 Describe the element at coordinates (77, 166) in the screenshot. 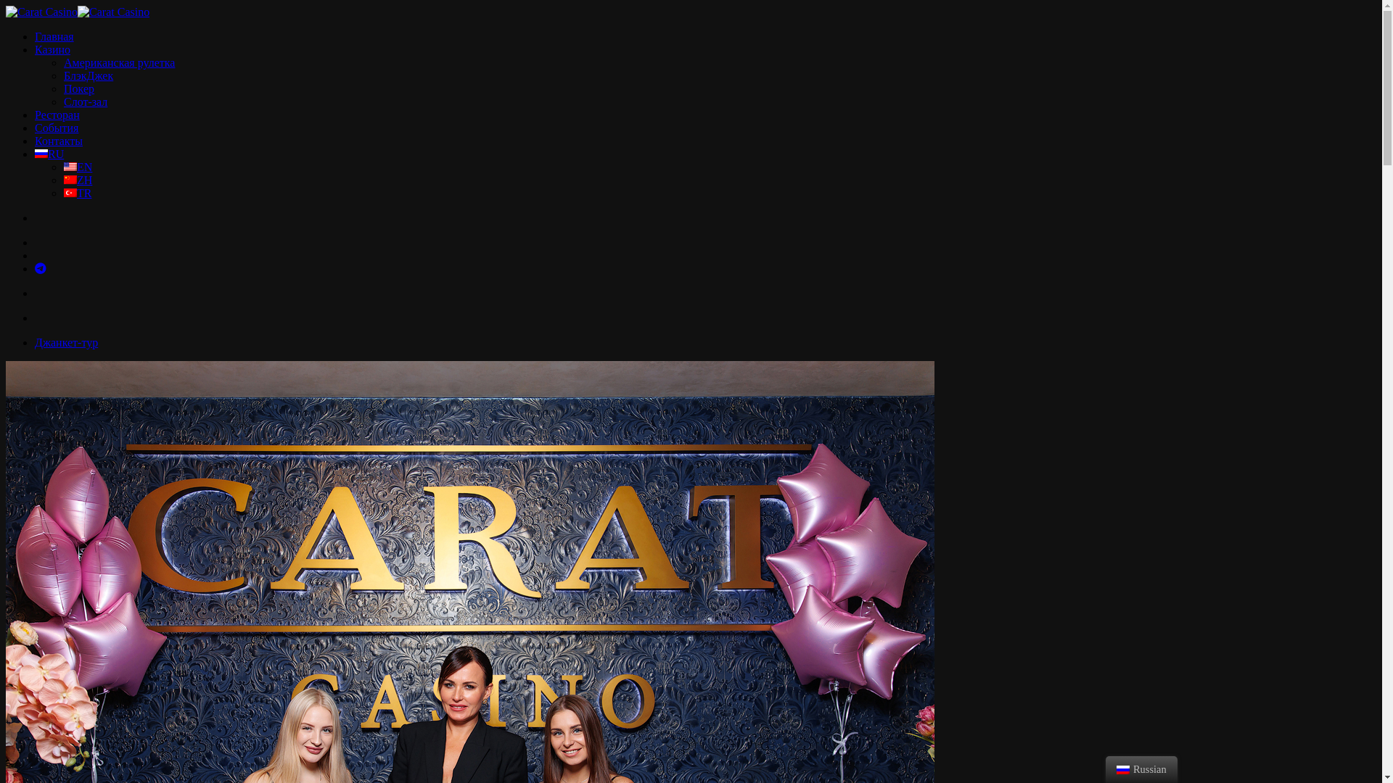

I see `'EN'` at that location.